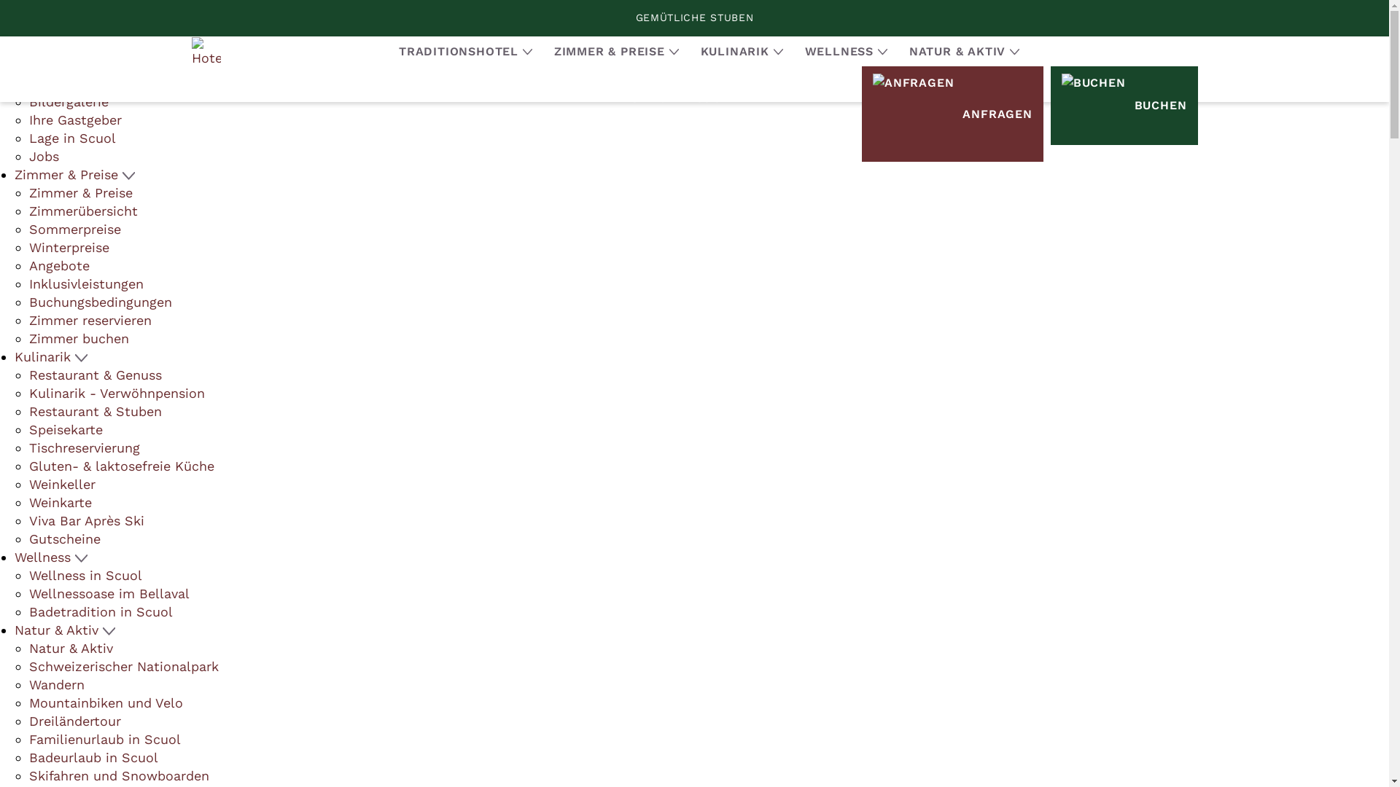 This screenshot has height=787, width=1400. What do you see at coordinates (104, 739) in the screenshot?
I see `'Familienurlaub in Scuol'` at bounding box center [104, 739].